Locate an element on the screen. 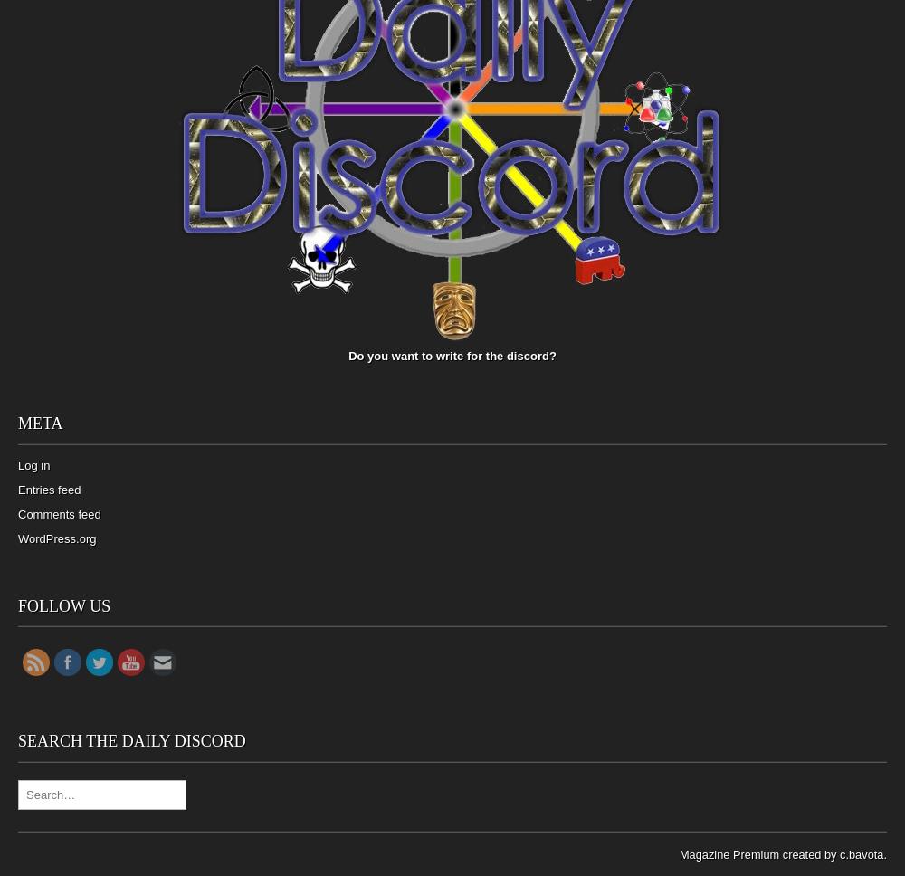 Image resolution: width=905 pixels, height=876 pixels. 'created by' is located at coordinates (809, 852).